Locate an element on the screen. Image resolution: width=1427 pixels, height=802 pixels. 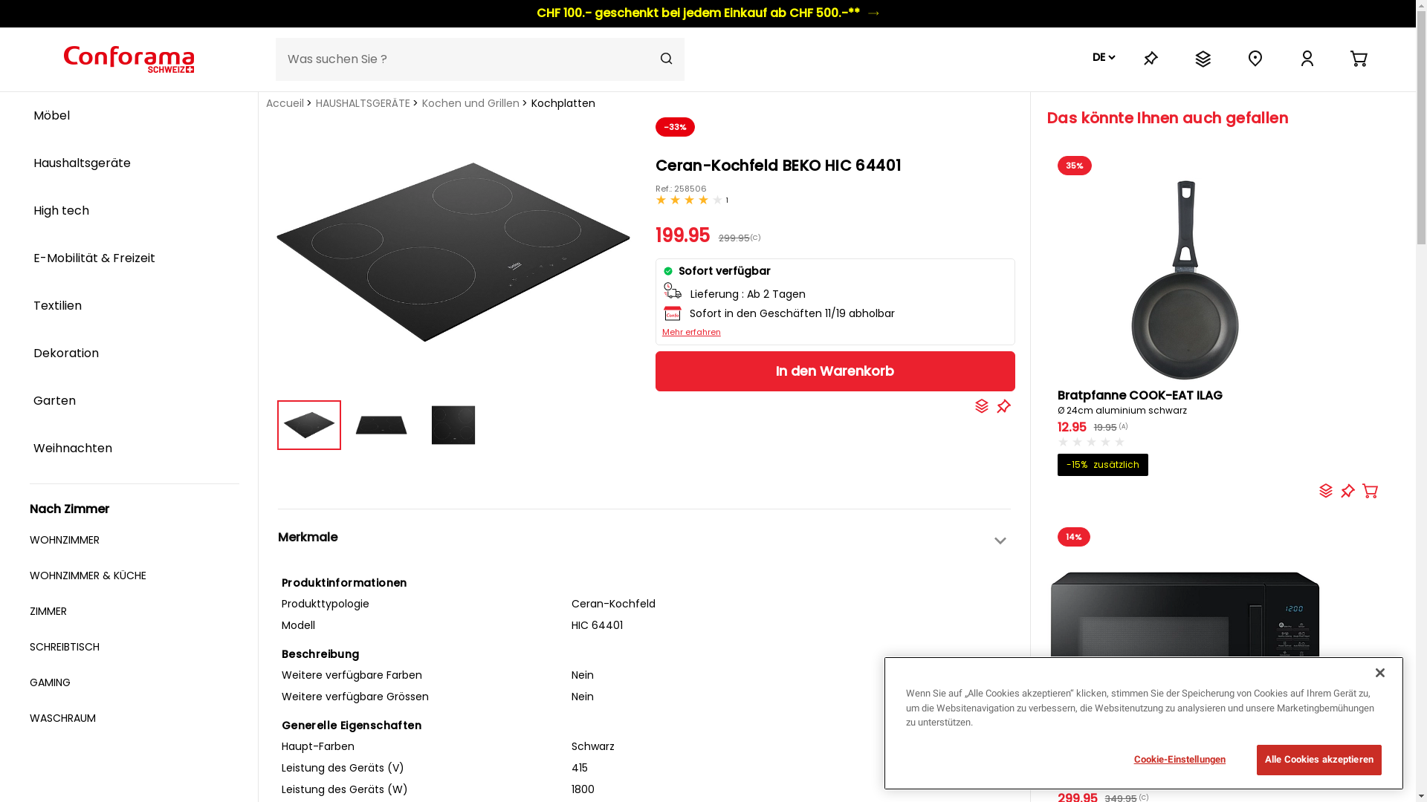
'Alle Cookies akzeptieren' is located at coordinates (1255, 759).